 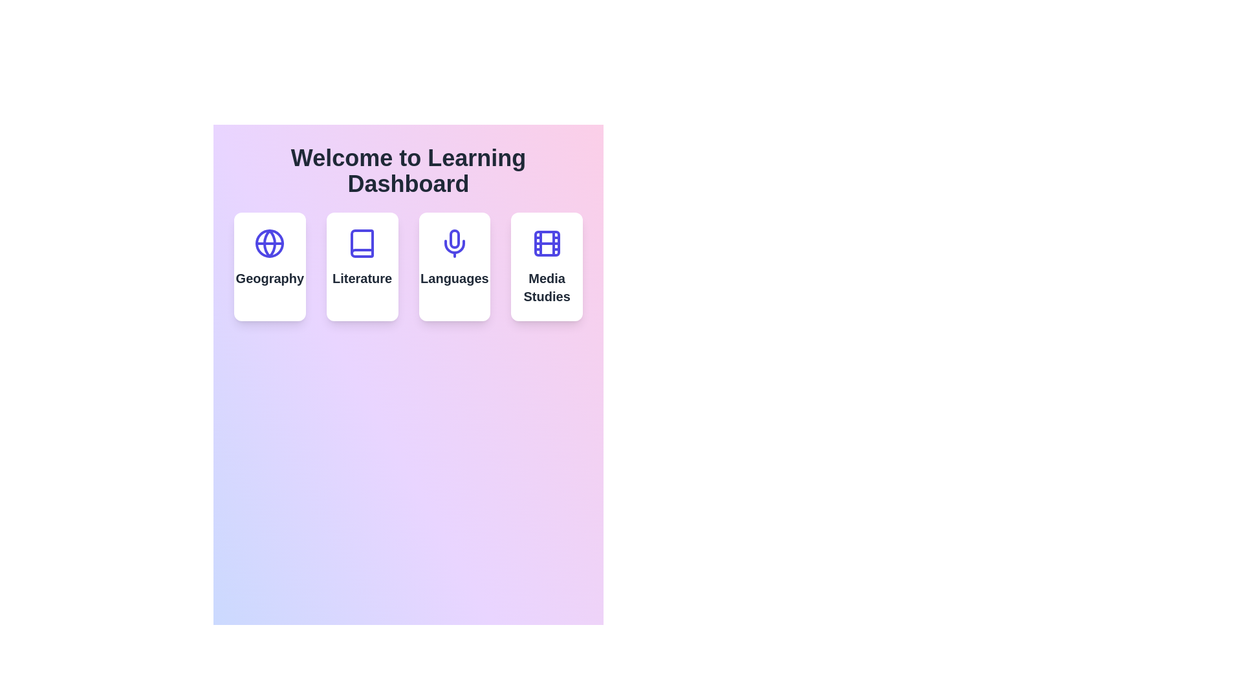 I want to click on the microphone icon, which is outlined in blue and positioned above the 'Languages' text in the third card of a 4-card grid layout, so click(x=454, y=244).